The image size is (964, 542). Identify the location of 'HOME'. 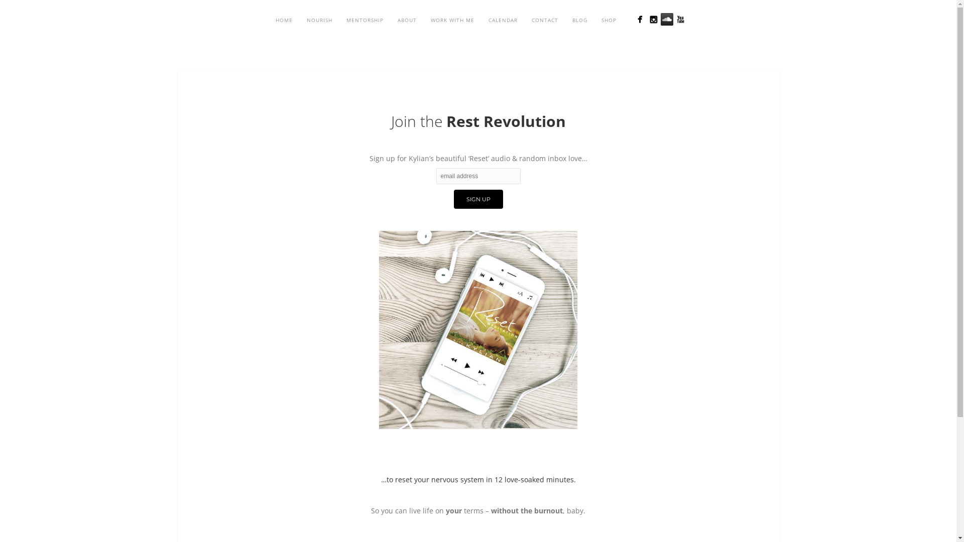
(284, 20).